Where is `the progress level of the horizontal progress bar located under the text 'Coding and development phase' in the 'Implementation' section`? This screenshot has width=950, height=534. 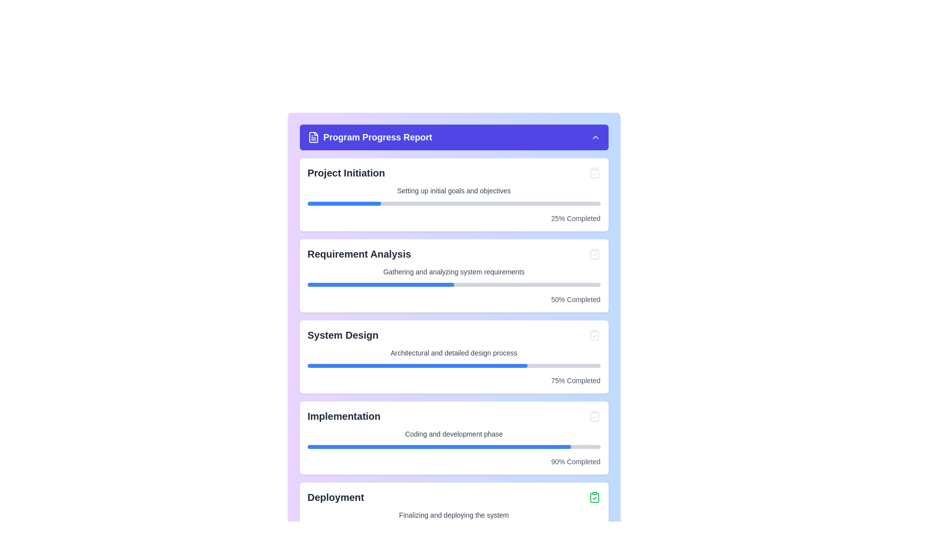 the progress level of the horizontal progress bar located under the text 'Coding and development phase' in the 'Implementation' section is located at coordinates (453, 446).